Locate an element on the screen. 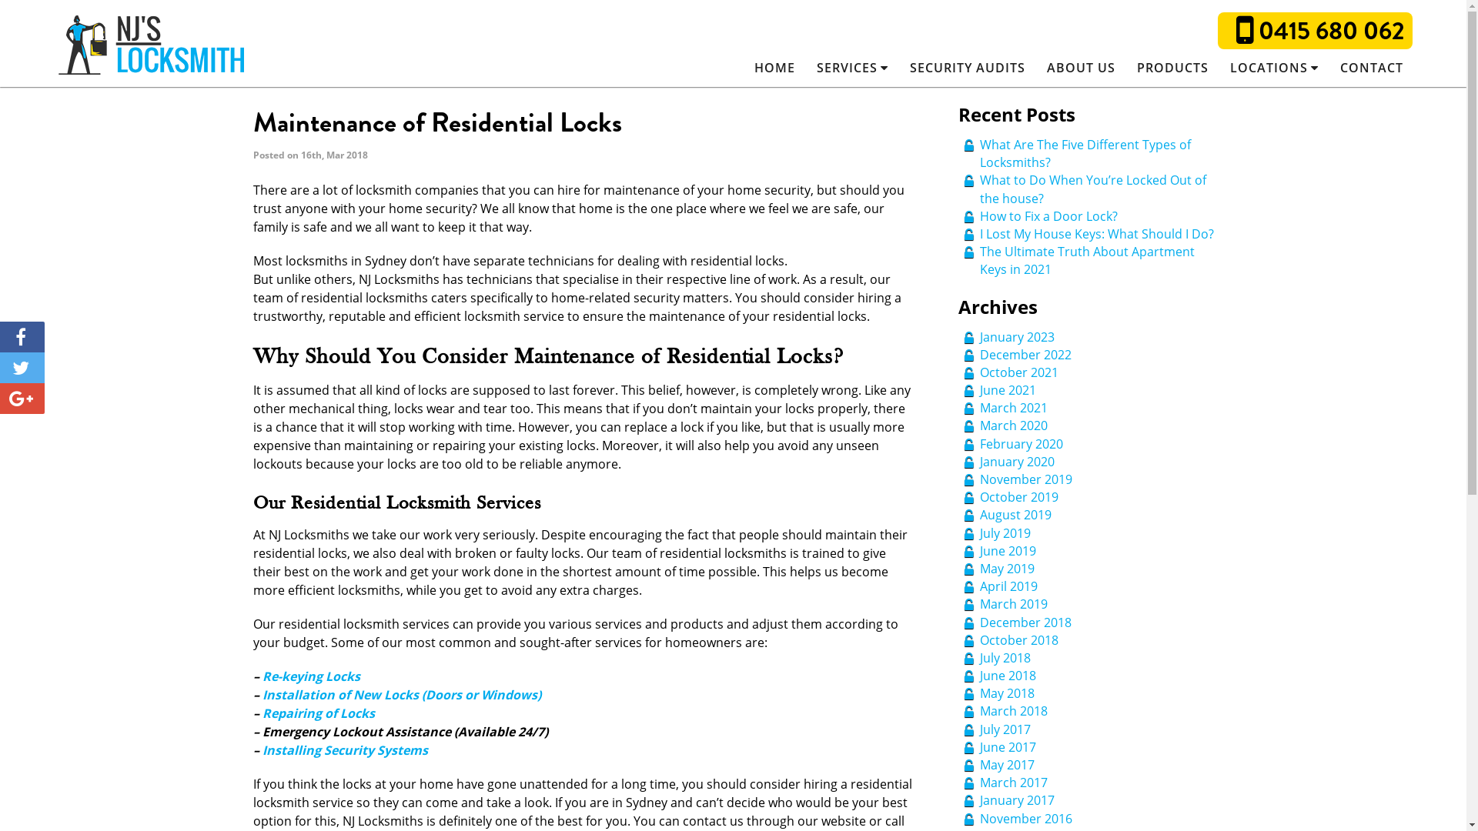 The width and height of the screenshot is (1478, 831). 'PRODUCTS' is located at coordinates (1127, 67).